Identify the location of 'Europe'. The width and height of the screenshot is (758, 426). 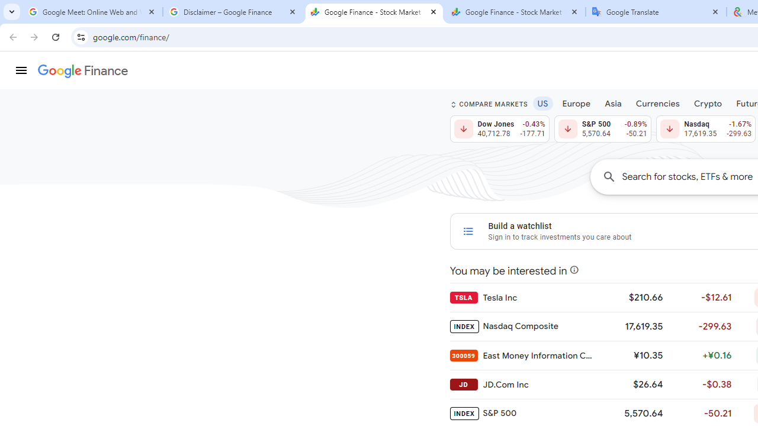
(576, 102).